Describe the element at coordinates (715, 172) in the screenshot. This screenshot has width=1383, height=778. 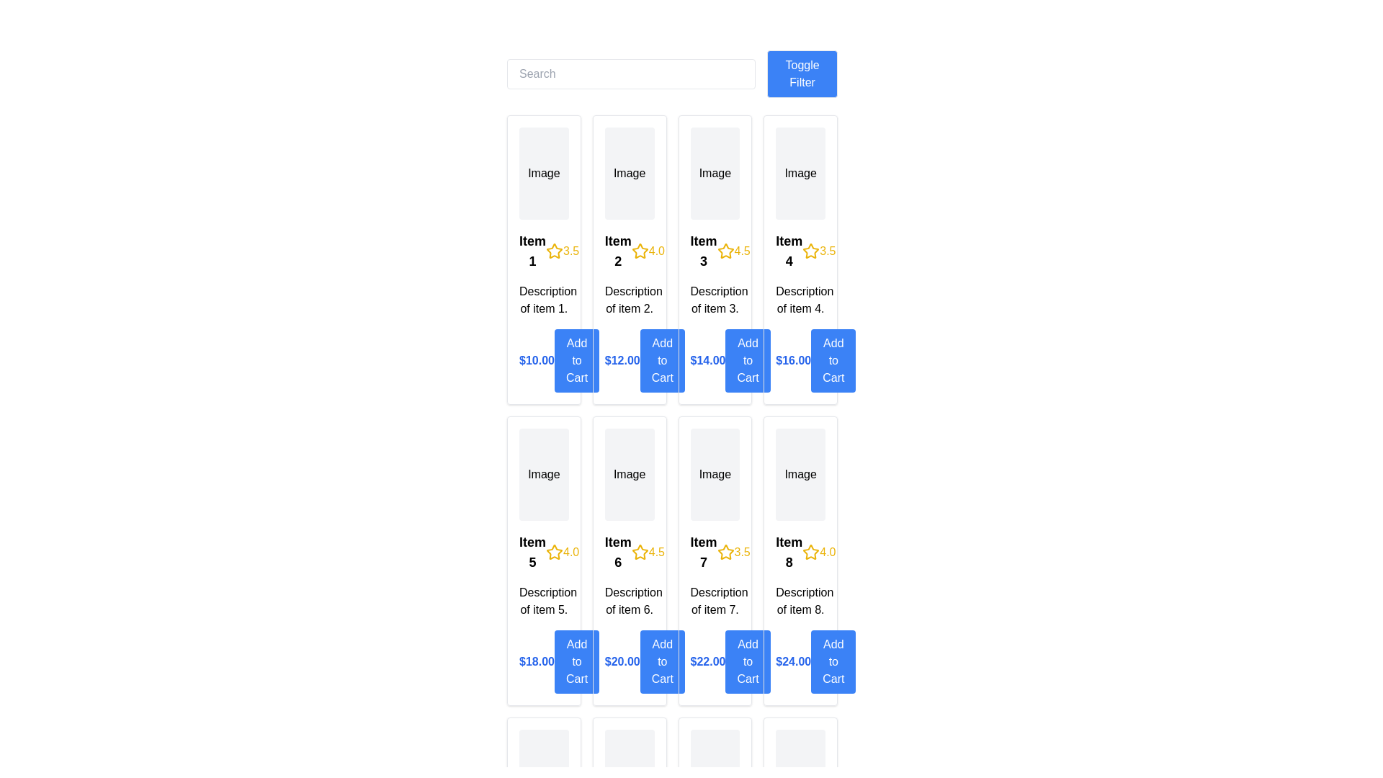
I see `the placeholder for the image associated with 'Item 3', which is located in the third column of the grid layout` at that location.